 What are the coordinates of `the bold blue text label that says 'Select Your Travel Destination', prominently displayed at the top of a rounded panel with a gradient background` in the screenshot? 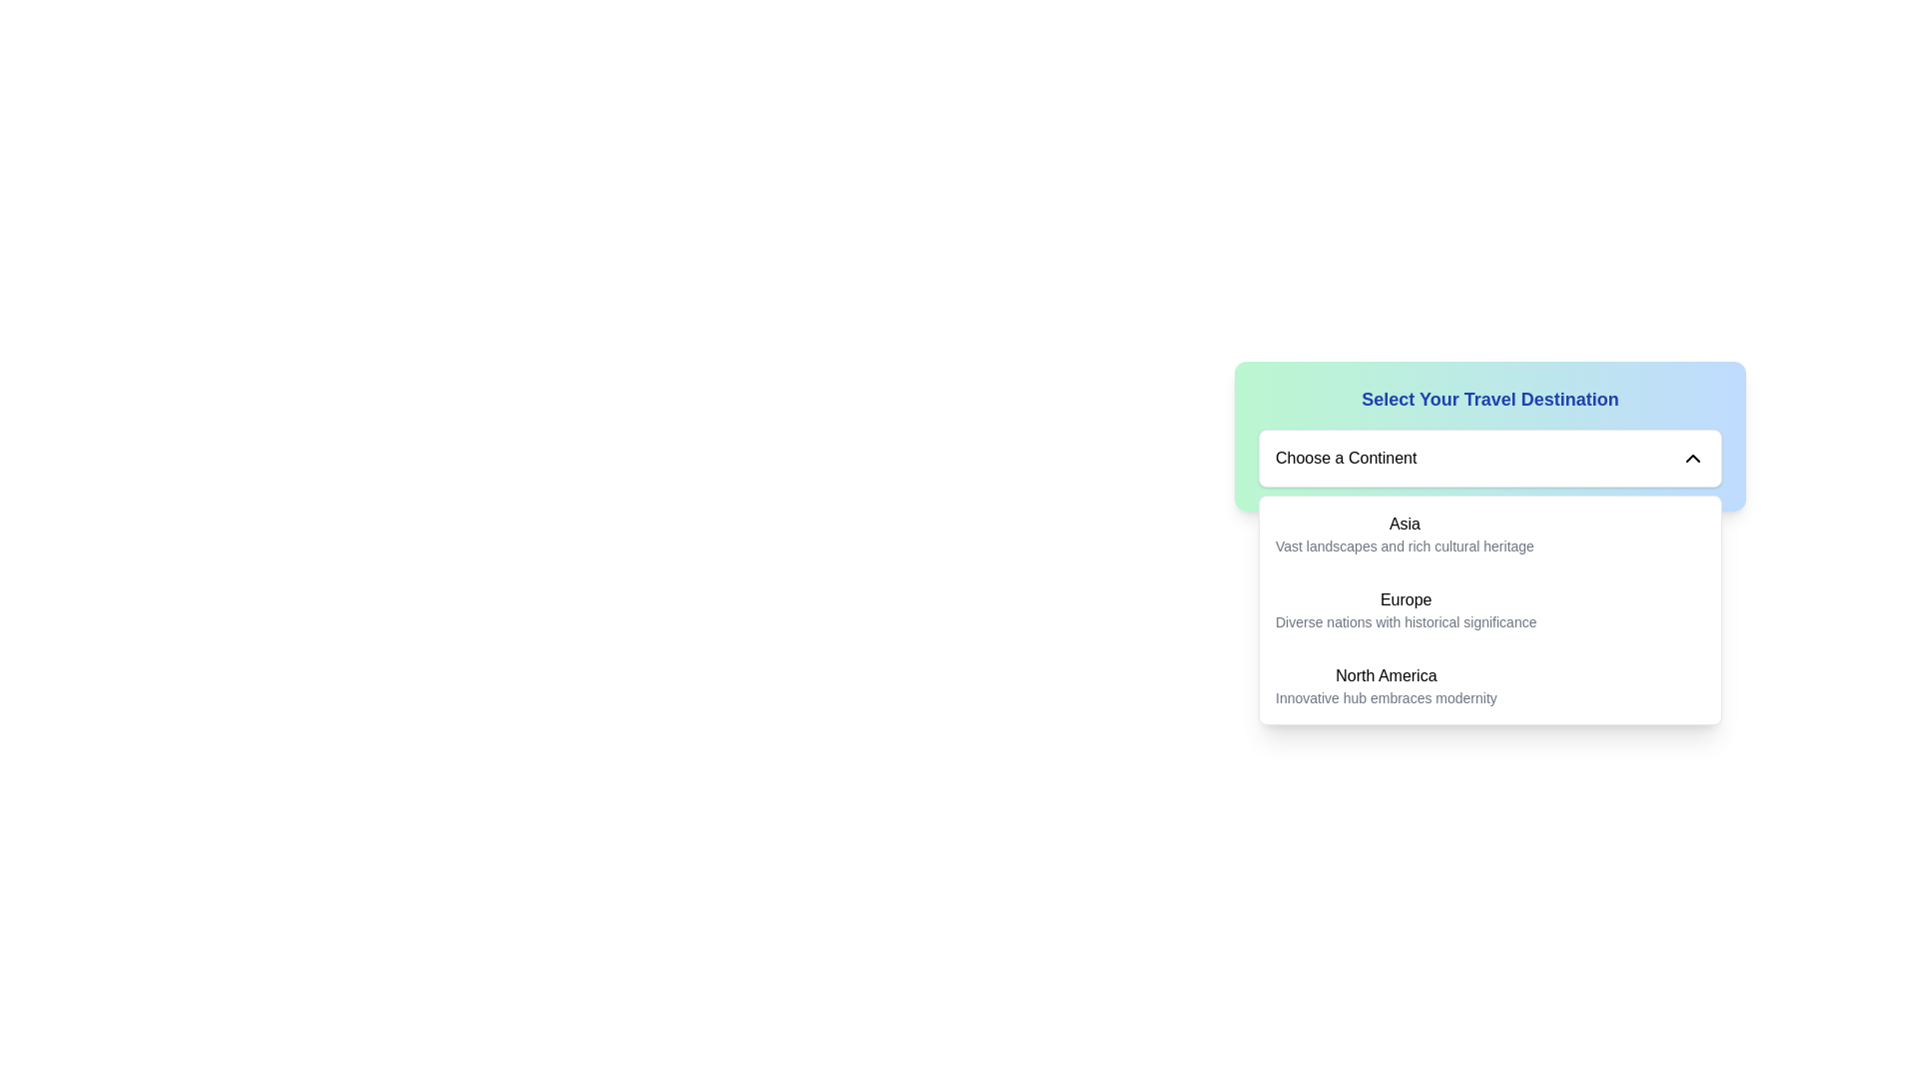 It's located at (1490, 400).